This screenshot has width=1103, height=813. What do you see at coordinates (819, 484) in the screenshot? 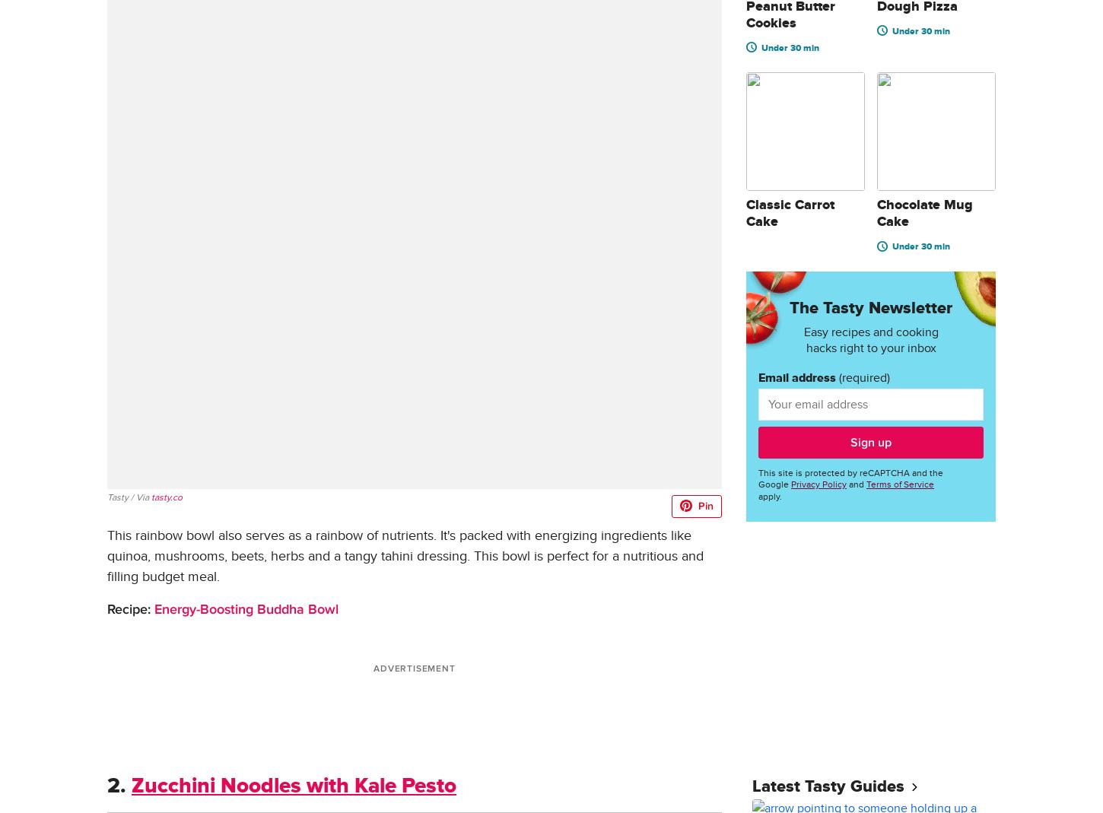
I see `'Privacy Policy'` at bounding box center [819, 484].